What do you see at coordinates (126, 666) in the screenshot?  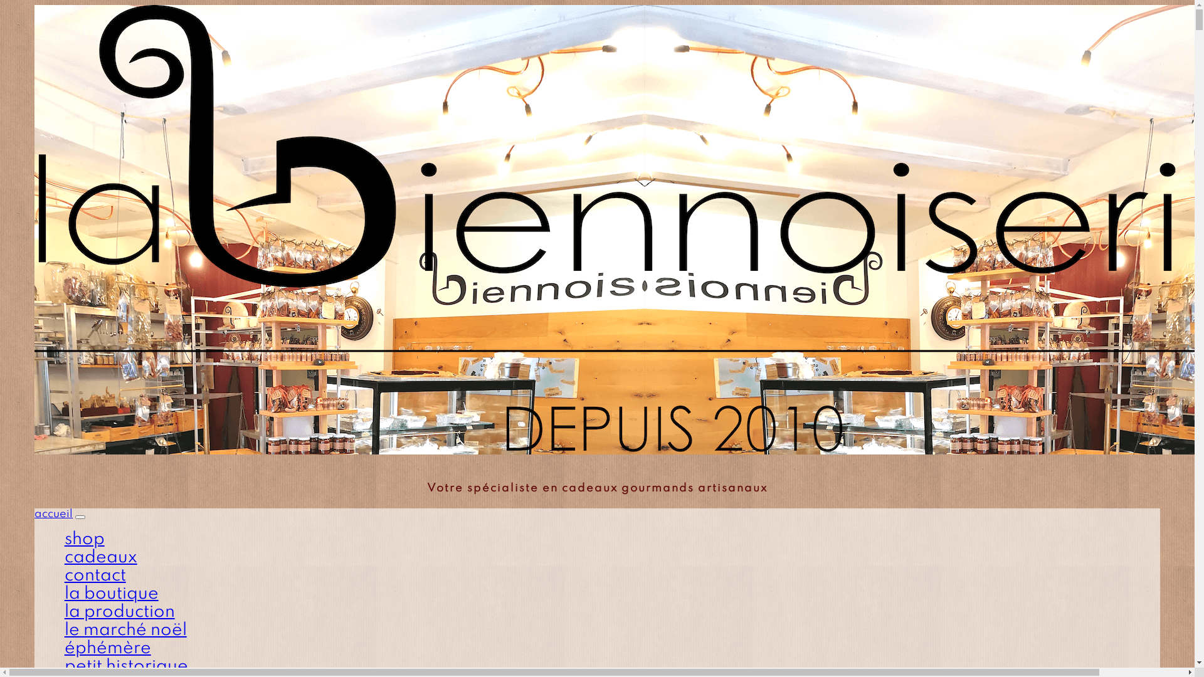 I see `'petit historique'` at bounding box center [126, 666].